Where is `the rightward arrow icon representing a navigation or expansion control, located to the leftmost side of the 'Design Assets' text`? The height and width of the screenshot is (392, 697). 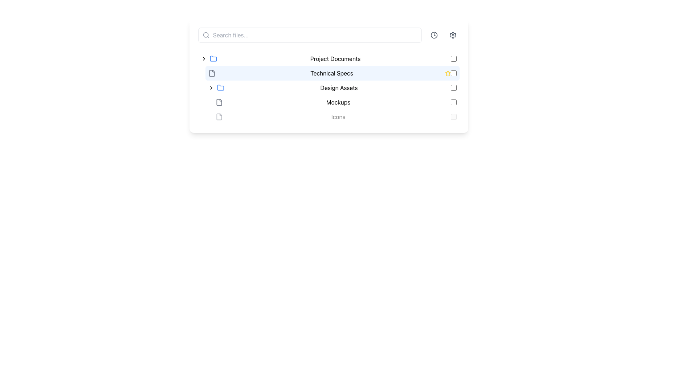
the rightward arrow icon representing a navigation or expansion control, located to the leftmost side of the 'Design Assets' text is located at coordinates (211, 87).